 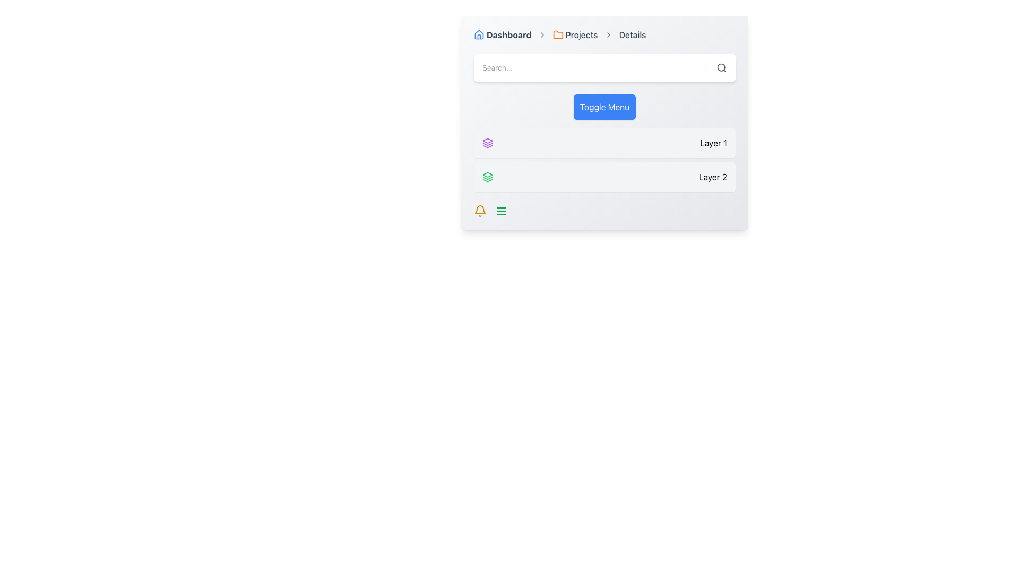 What do you see at coordinates (575, 34) in the screenshot?
I see `the 'Projects' breadcrumb link, which features an orange folder icon on the left and dark gray text on the right` at bounding box center [575, 34].